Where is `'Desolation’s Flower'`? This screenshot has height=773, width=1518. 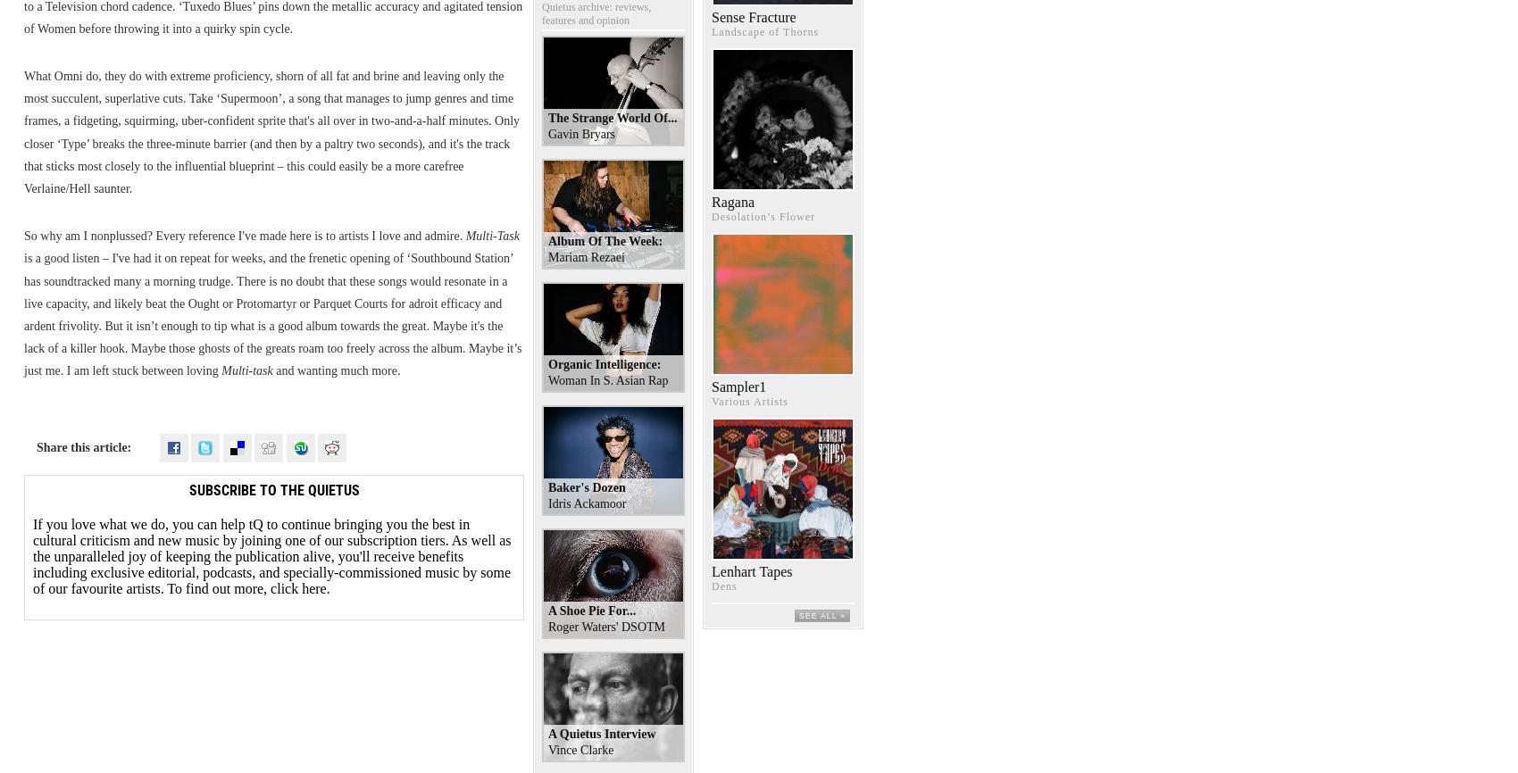
'Desolation’s Flower' is located at coordinates (763, 215).